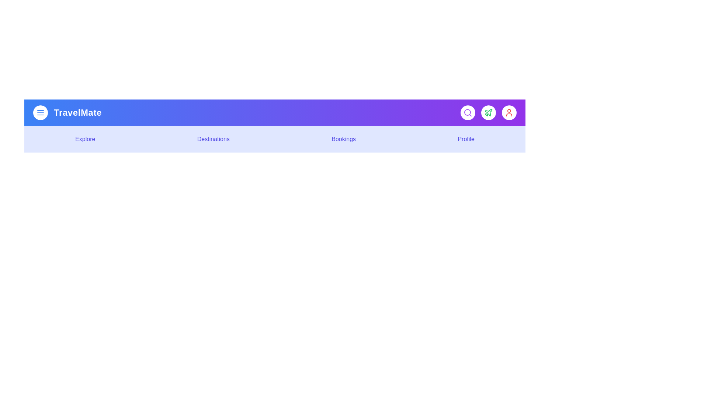 The height and width of the screenshot is (398, 708). Describe the element at coordinates (465, 139) in the screenshot. I see `the interactive element Profile Menu Item to observe visual feedback` at that location.